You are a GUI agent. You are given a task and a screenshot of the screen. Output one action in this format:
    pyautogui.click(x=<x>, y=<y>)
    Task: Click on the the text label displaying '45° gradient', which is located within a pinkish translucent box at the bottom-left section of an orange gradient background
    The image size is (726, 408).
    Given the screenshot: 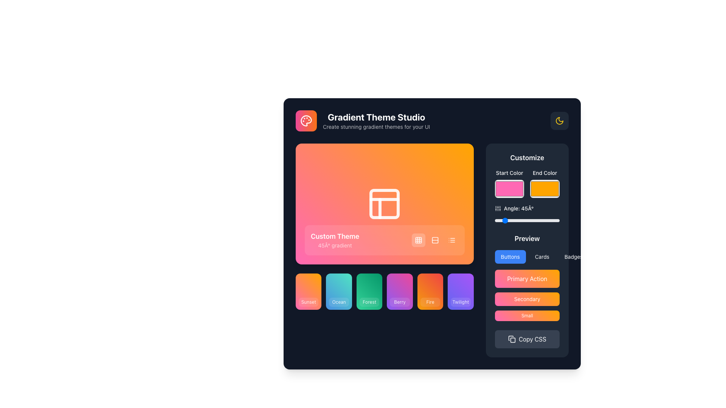 What is the action you would take?
    pyautogui.click(x=335, y=246)
    